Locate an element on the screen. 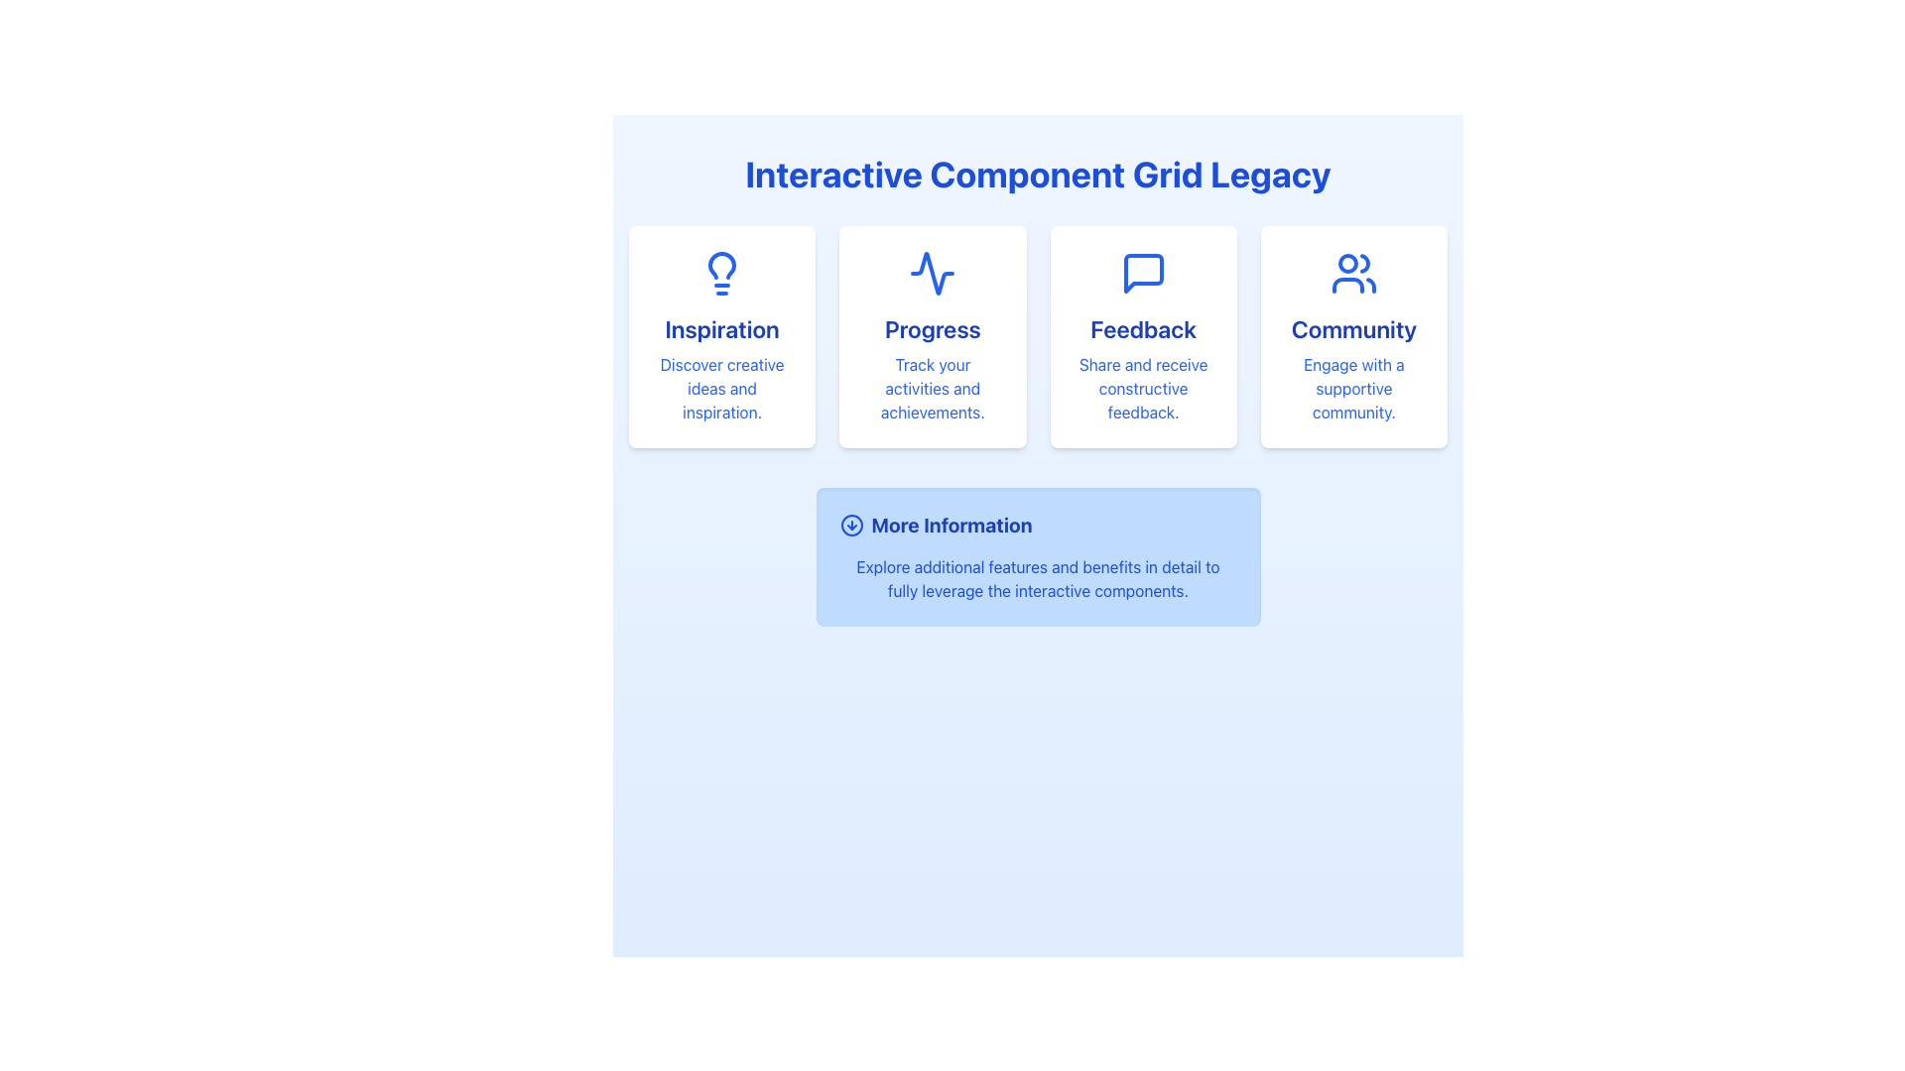 The image size is (1905, 1071). the downward-pointing blue arrow icon within a circular outline, located to the left of the 'More Information' text is located at coordinates (851, 524).